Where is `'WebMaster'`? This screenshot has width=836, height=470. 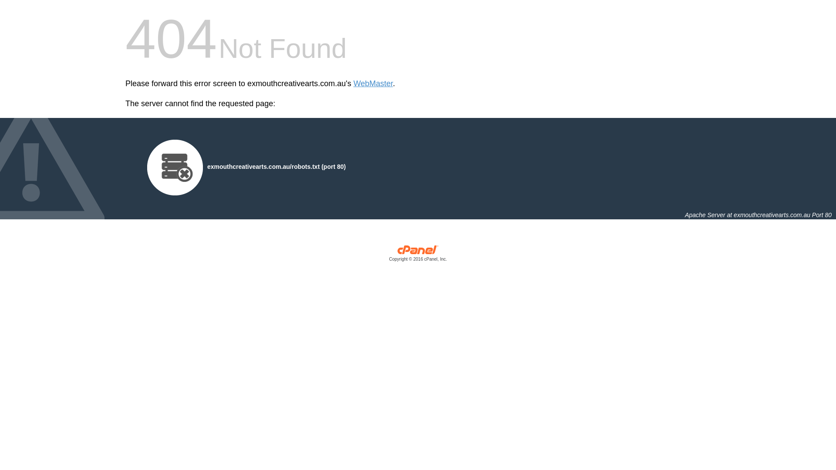 'WebMaster' is located at coordinates (373, 84).